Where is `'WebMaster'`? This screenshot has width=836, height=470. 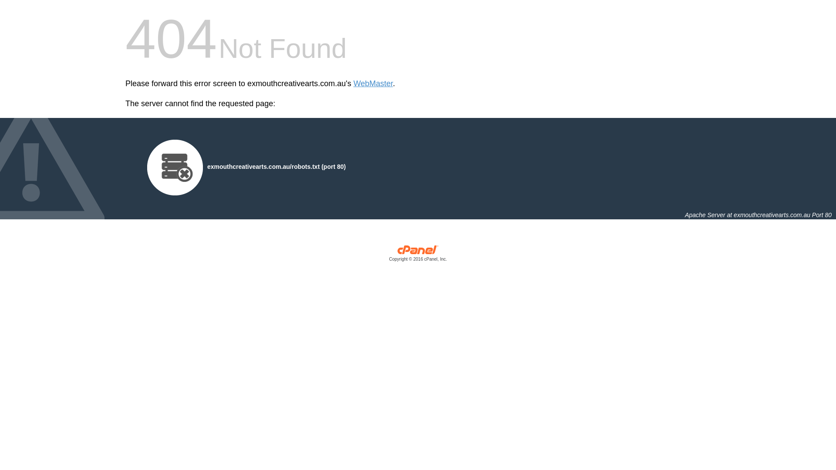 'WebMaster' is located at coordinates (373, 84).